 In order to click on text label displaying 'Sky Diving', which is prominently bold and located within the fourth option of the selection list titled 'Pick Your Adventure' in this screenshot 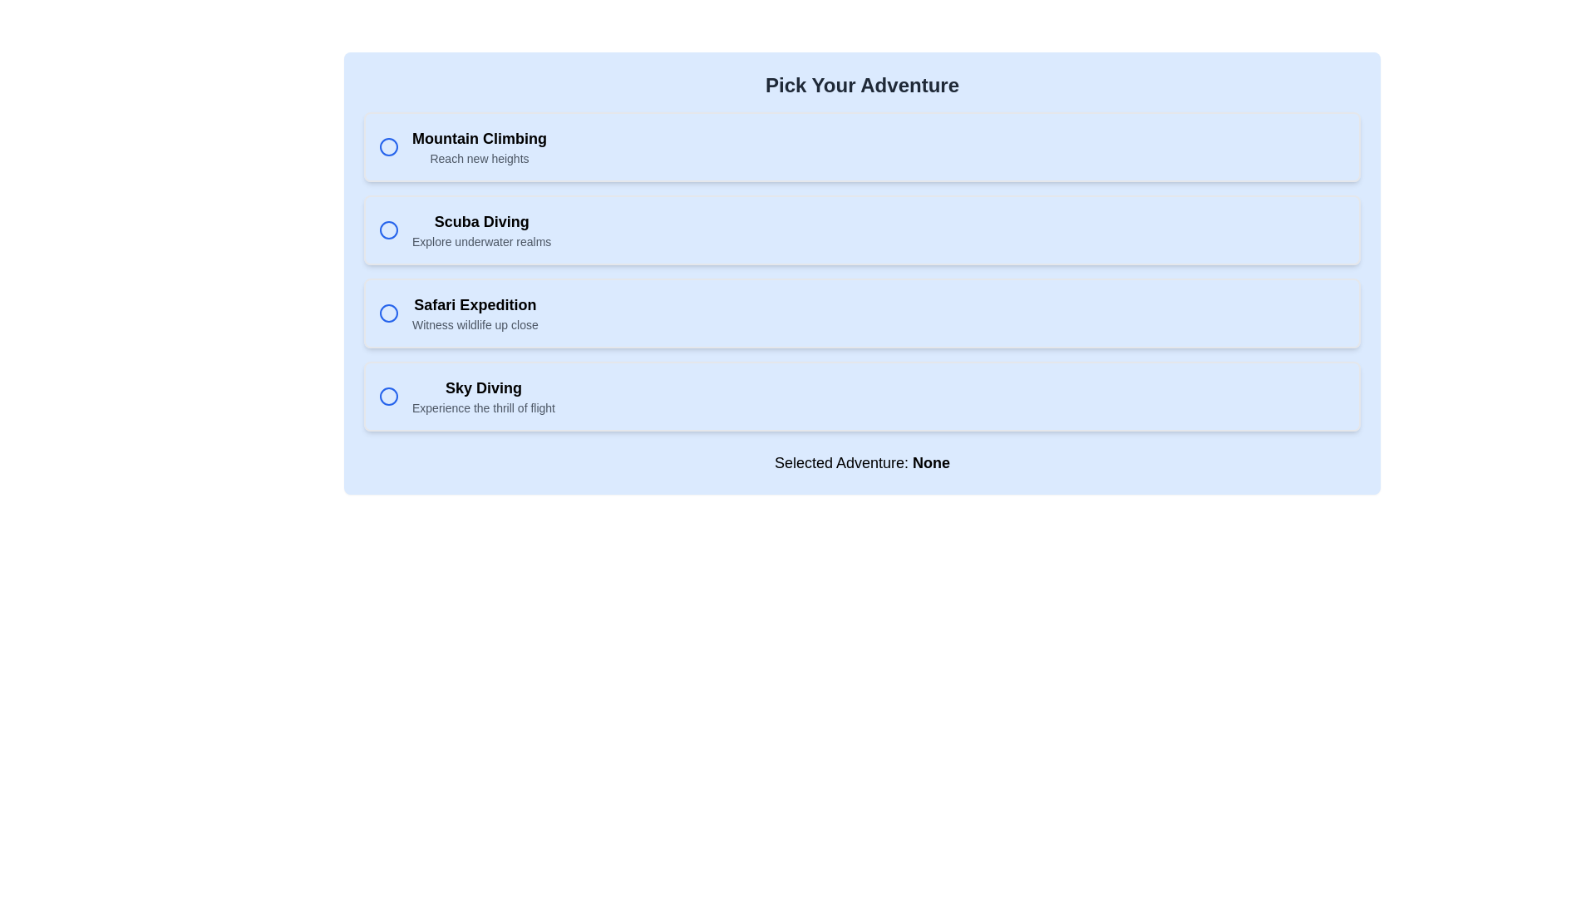, I will do `click(482, 387)`.